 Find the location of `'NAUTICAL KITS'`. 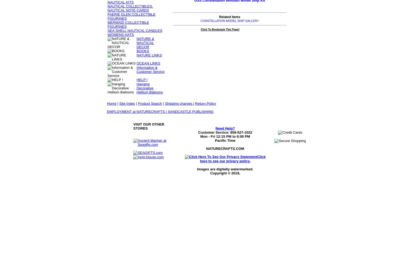

'NAUTICAL KITS' is located at coordinates (121, 2).